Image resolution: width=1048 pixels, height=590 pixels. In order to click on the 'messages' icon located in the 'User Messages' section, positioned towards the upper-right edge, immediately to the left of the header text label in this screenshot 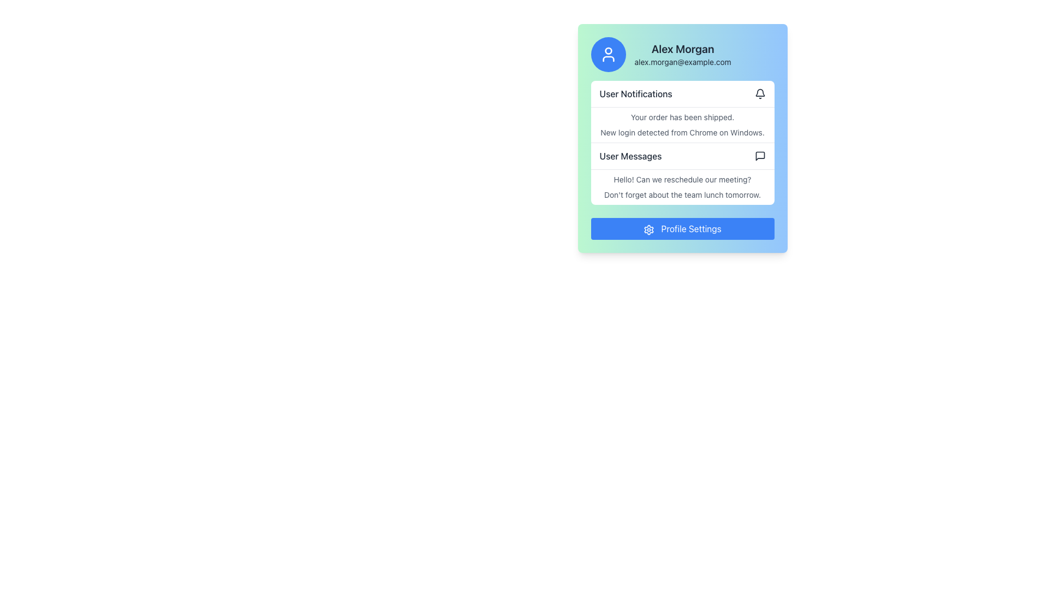, I will do `click(759, 156)`.